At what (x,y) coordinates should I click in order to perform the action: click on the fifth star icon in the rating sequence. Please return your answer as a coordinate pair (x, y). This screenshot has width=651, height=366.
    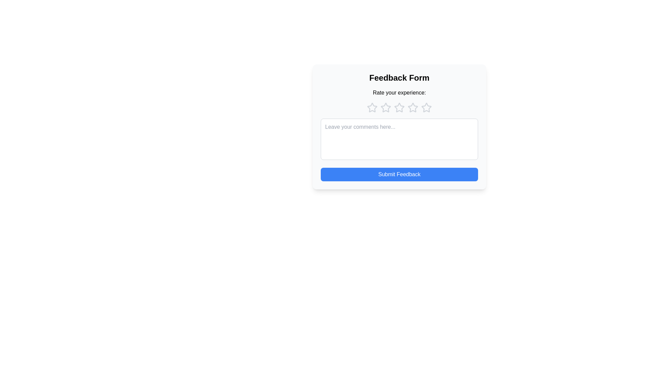
    Looking at the image, I should click on (426, 107).